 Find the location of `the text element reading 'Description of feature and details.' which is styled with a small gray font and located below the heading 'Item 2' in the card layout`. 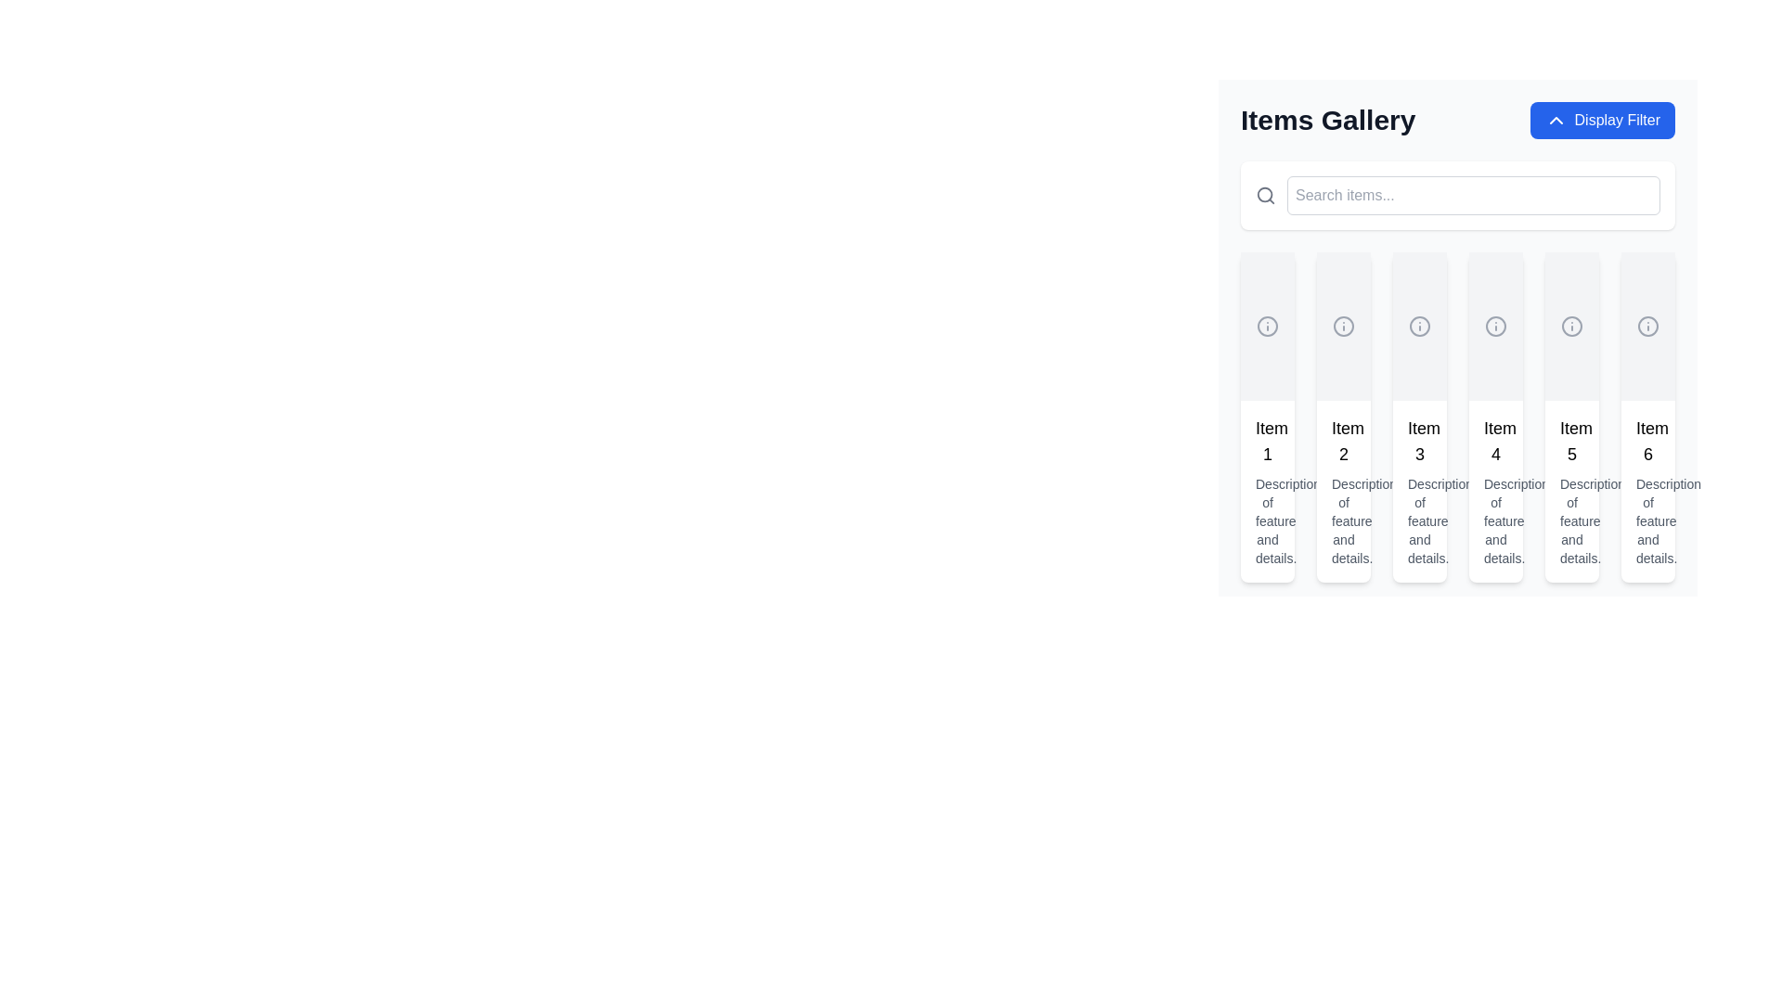

the text element reading 'Description of feature and details.' which is styled with a small gray font and located below the heading 'Item 2' in the card layout is located at coordinates (1344, 521).